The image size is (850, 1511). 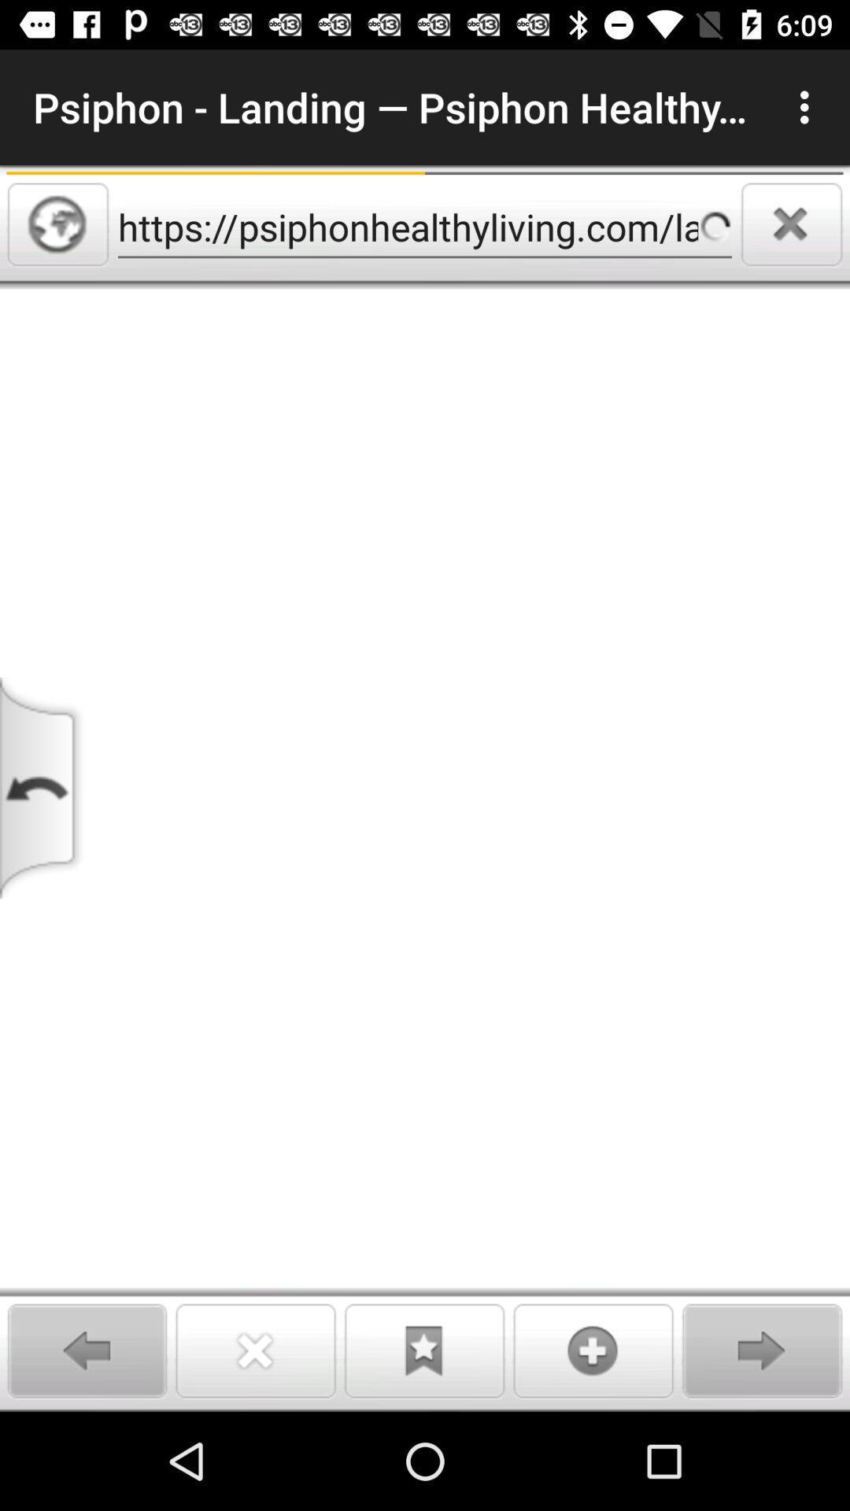 I want to click on bookmark page, so click(x=423, y=1350).